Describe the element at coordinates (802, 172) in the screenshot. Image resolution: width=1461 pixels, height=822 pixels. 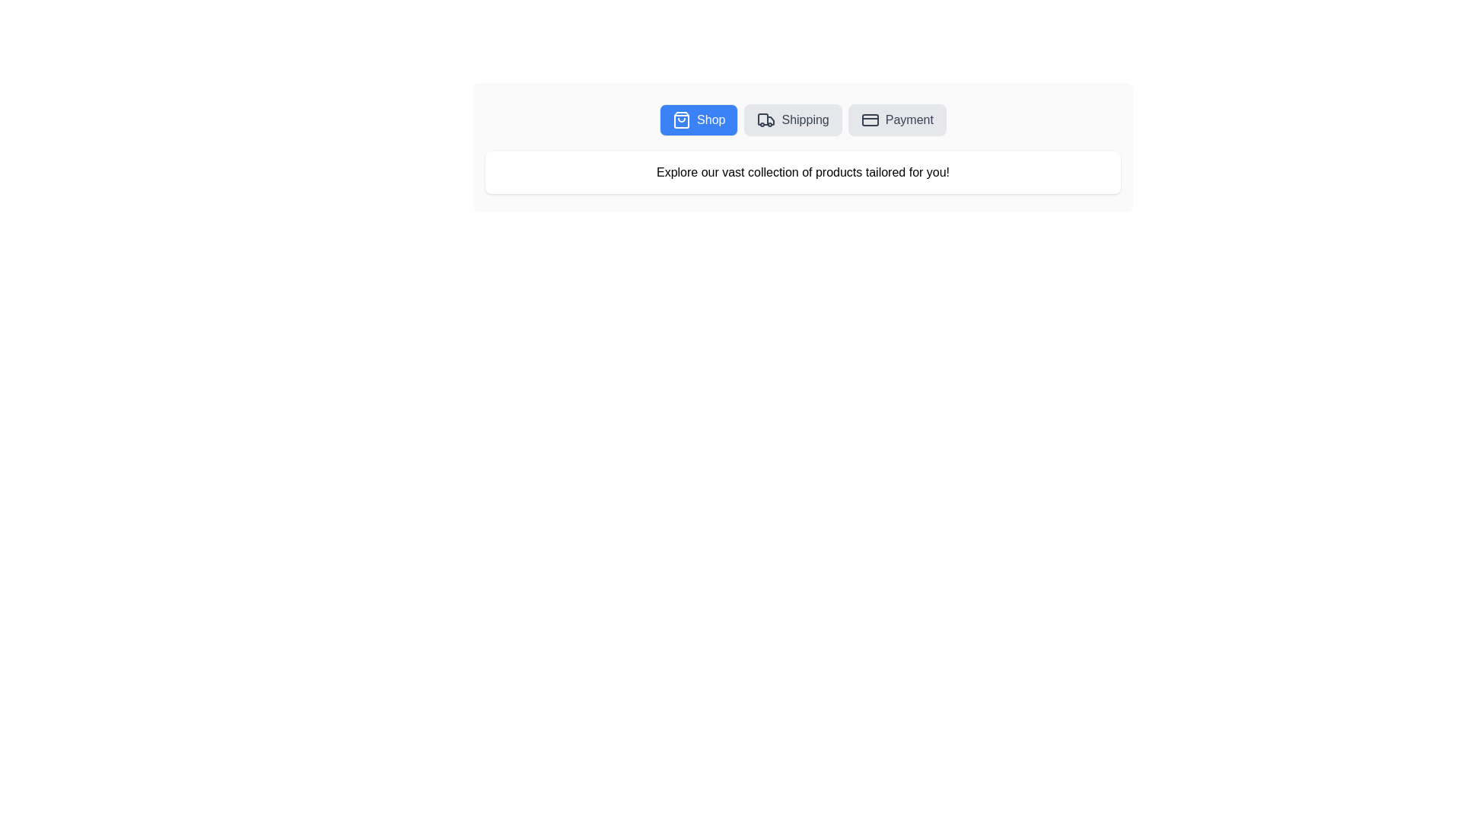
I see `the rectangular text block displaying the message 'Explore our vast collection of products tailored for you!', which is positioned below the buttons labeled 'Shop', 'Shipping', and 'Payment'` at that location.